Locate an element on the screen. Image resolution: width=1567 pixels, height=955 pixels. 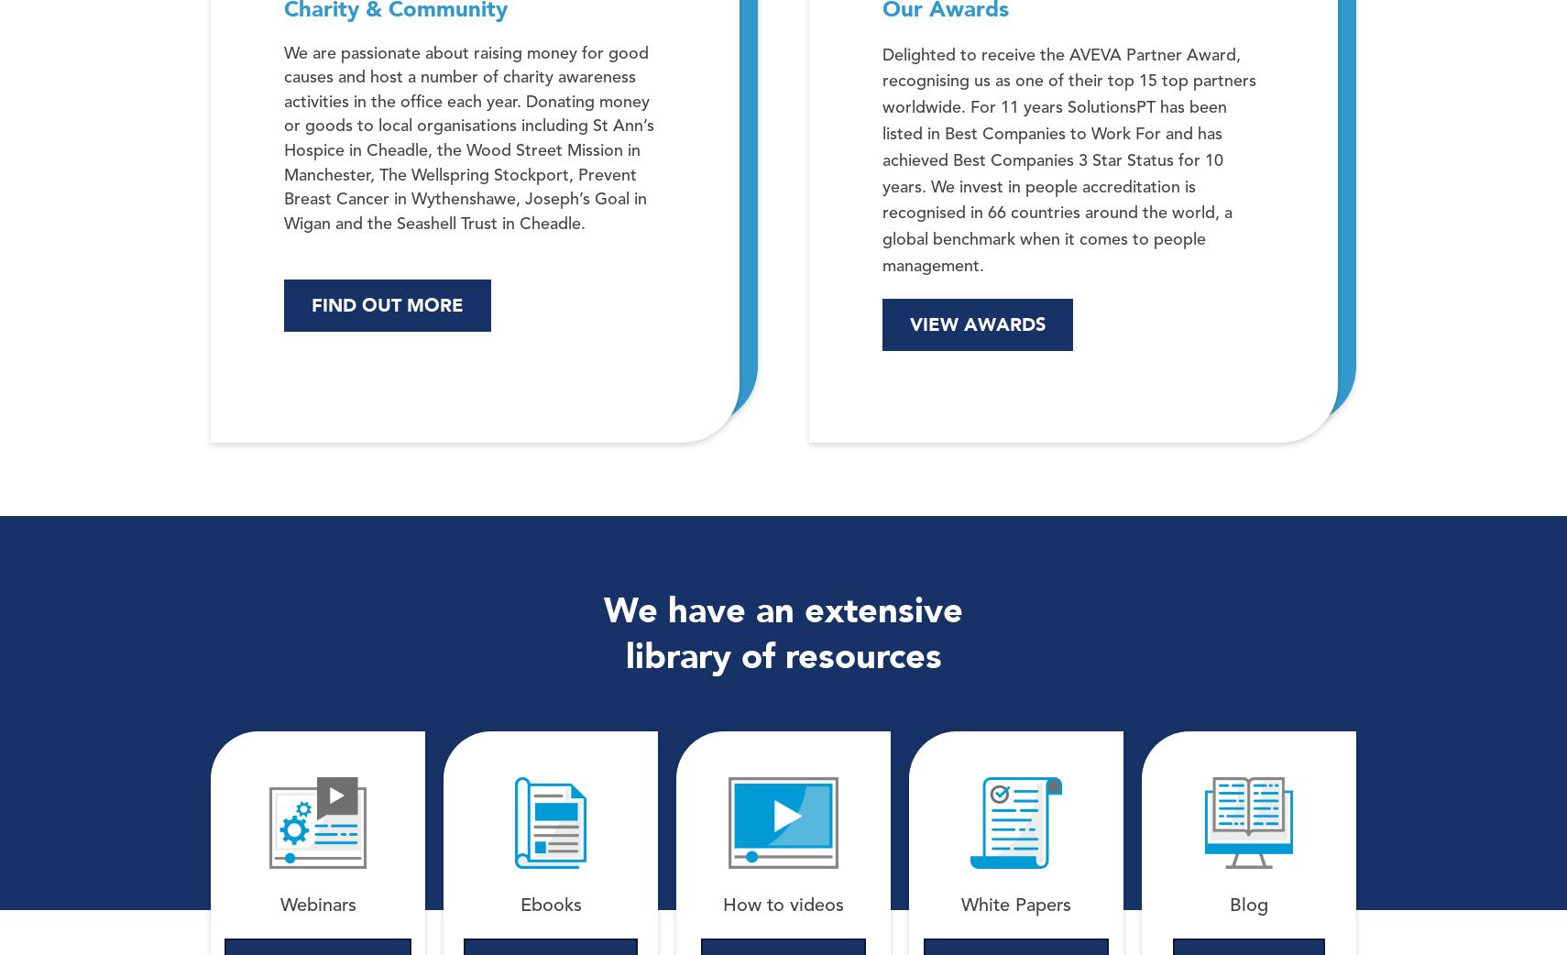
'How to videos' is located at coordinates (783, 906).